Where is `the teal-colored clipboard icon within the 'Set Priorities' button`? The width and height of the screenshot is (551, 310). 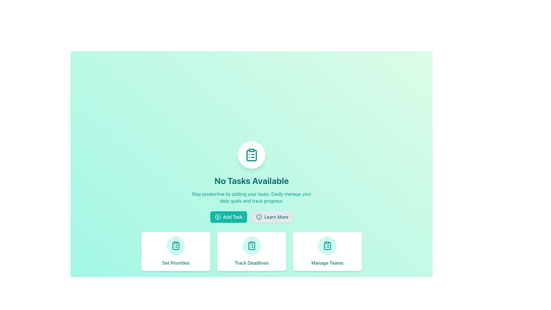
the teal-colored clipboard icon within the 'Set Priorities' button is located at coordinates (176, 245).